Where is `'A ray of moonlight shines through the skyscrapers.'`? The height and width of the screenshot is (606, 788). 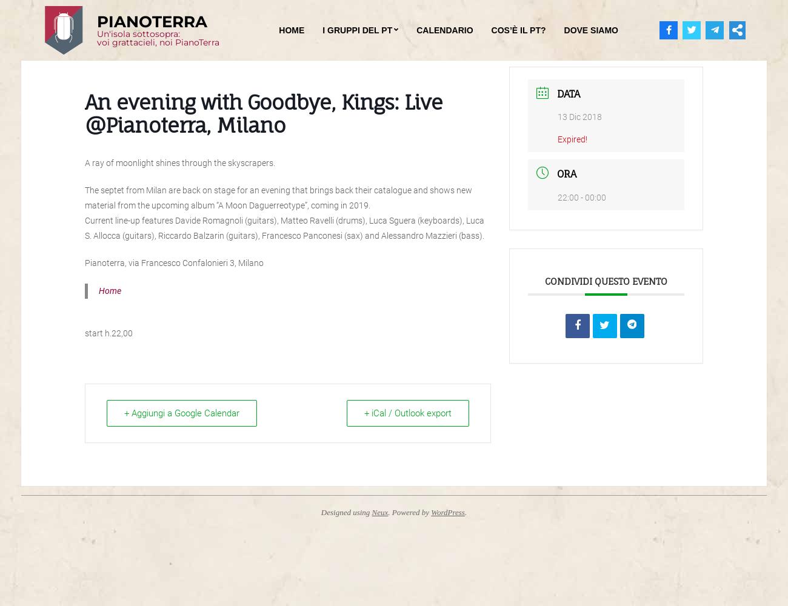 'A ray of moonlight shines through the skyscrapers.' is located at coordinates (180, 162).